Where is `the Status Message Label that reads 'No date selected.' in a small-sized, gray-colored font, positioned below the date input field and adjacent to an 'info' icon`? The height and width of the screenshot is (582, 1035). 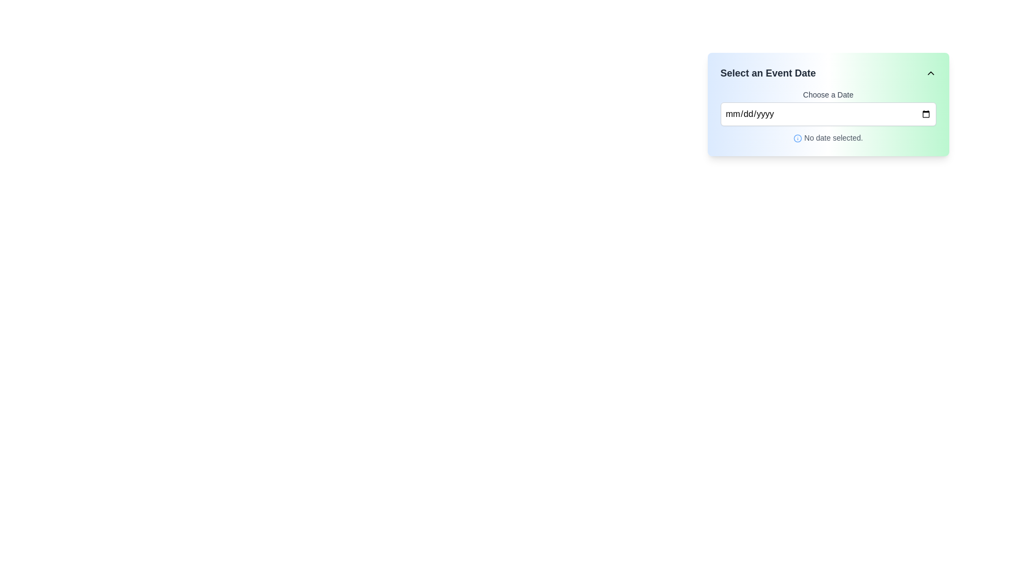 the Status Message Label that reads 'No date selected.' in a small-sized, gray-colored font, positioned below the date input field and adjacent to an 'info' icon is located at coordinates (833, 137).